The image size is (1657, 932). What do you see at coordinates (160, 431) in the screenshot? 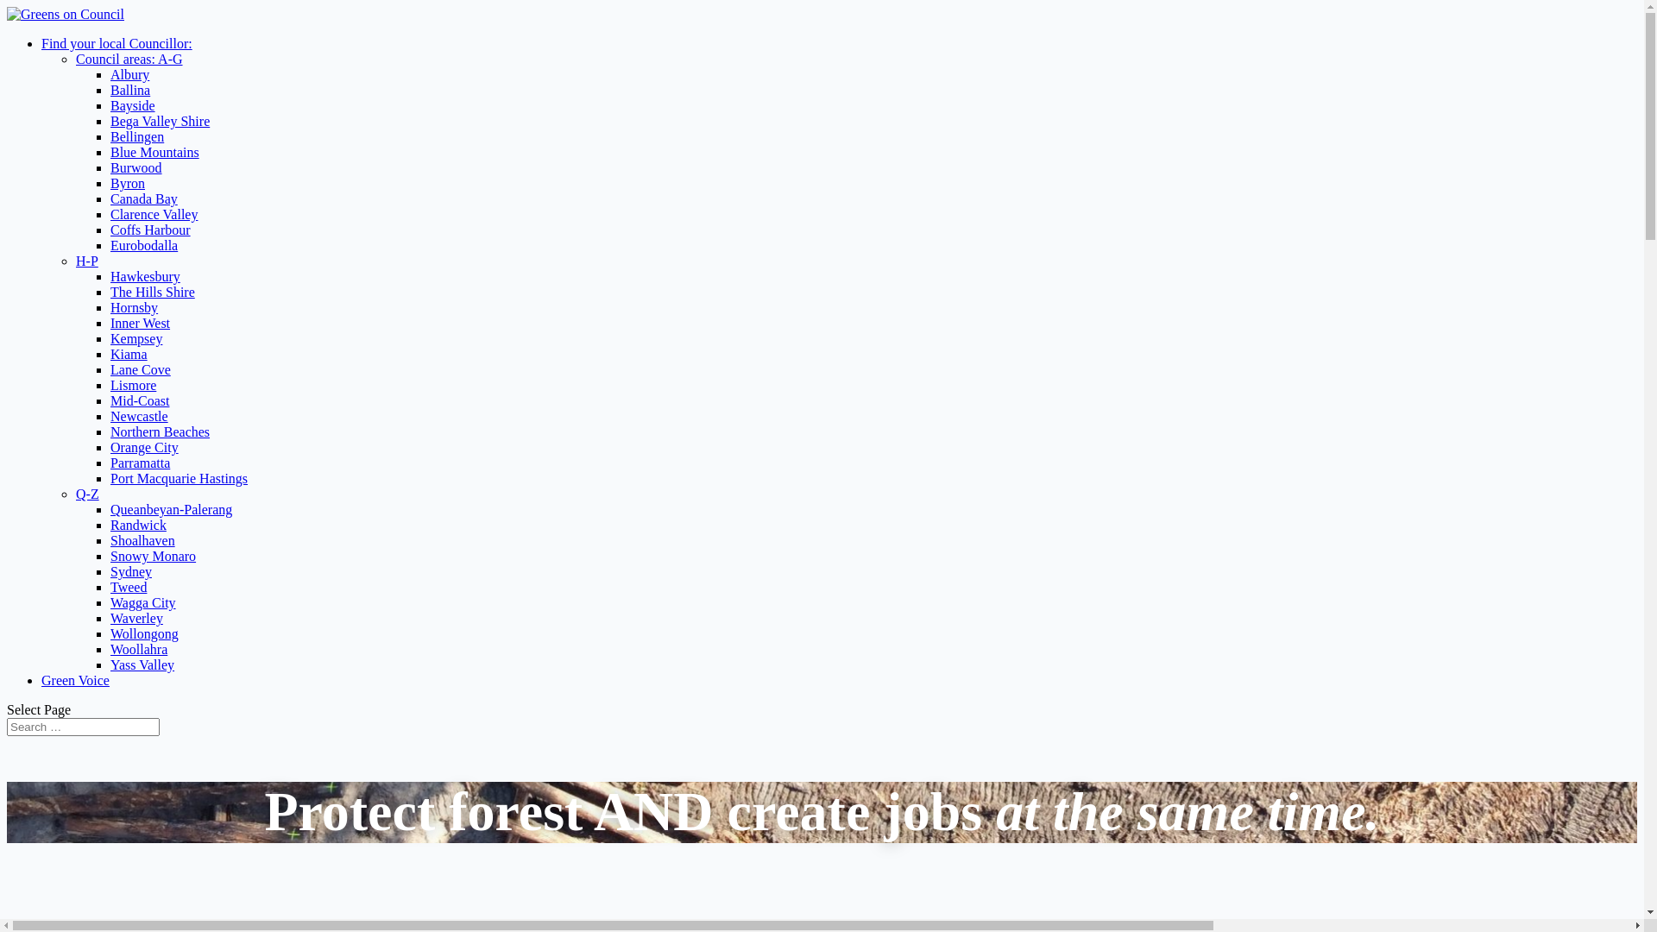
I see `'Northern Beaches'` at bounding box center [160, 431].